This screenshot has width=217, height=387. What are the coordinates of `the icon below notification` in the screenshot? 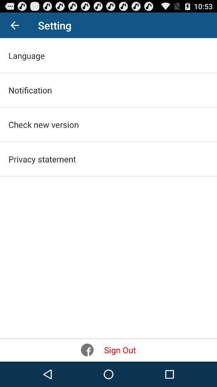 It's located at (43, 125).